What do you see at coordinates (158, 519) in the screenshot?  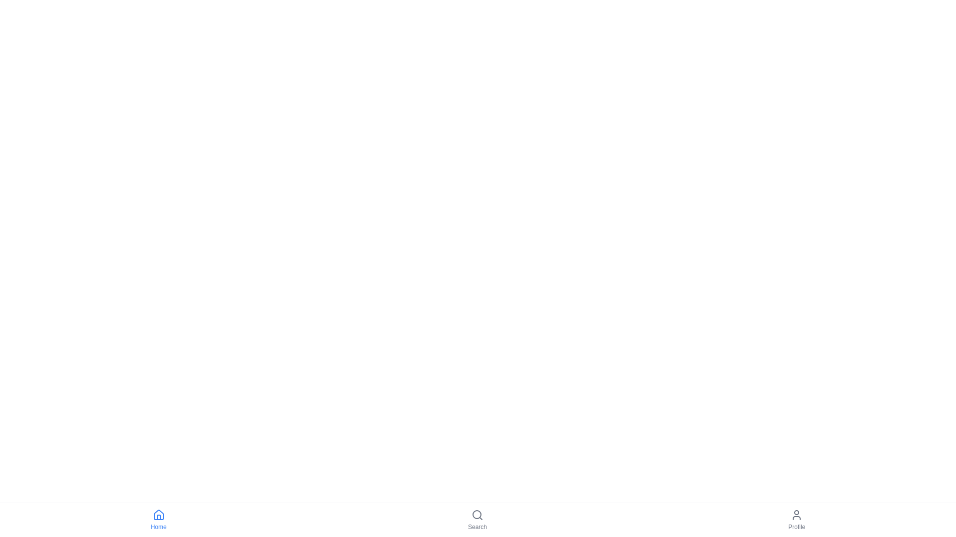 I see `the 'Home' button` at bounding box center [158, 519].